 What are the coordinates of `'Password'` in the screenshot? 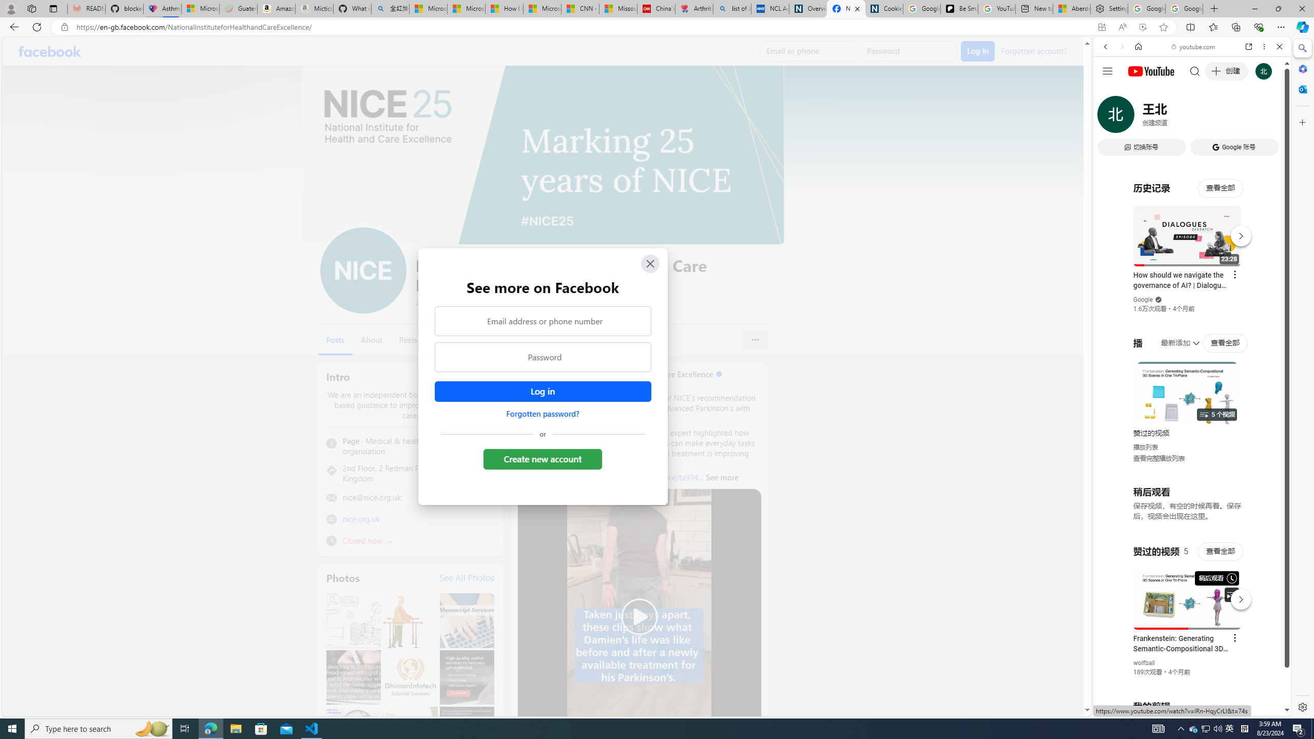 It's located at (542, 357).